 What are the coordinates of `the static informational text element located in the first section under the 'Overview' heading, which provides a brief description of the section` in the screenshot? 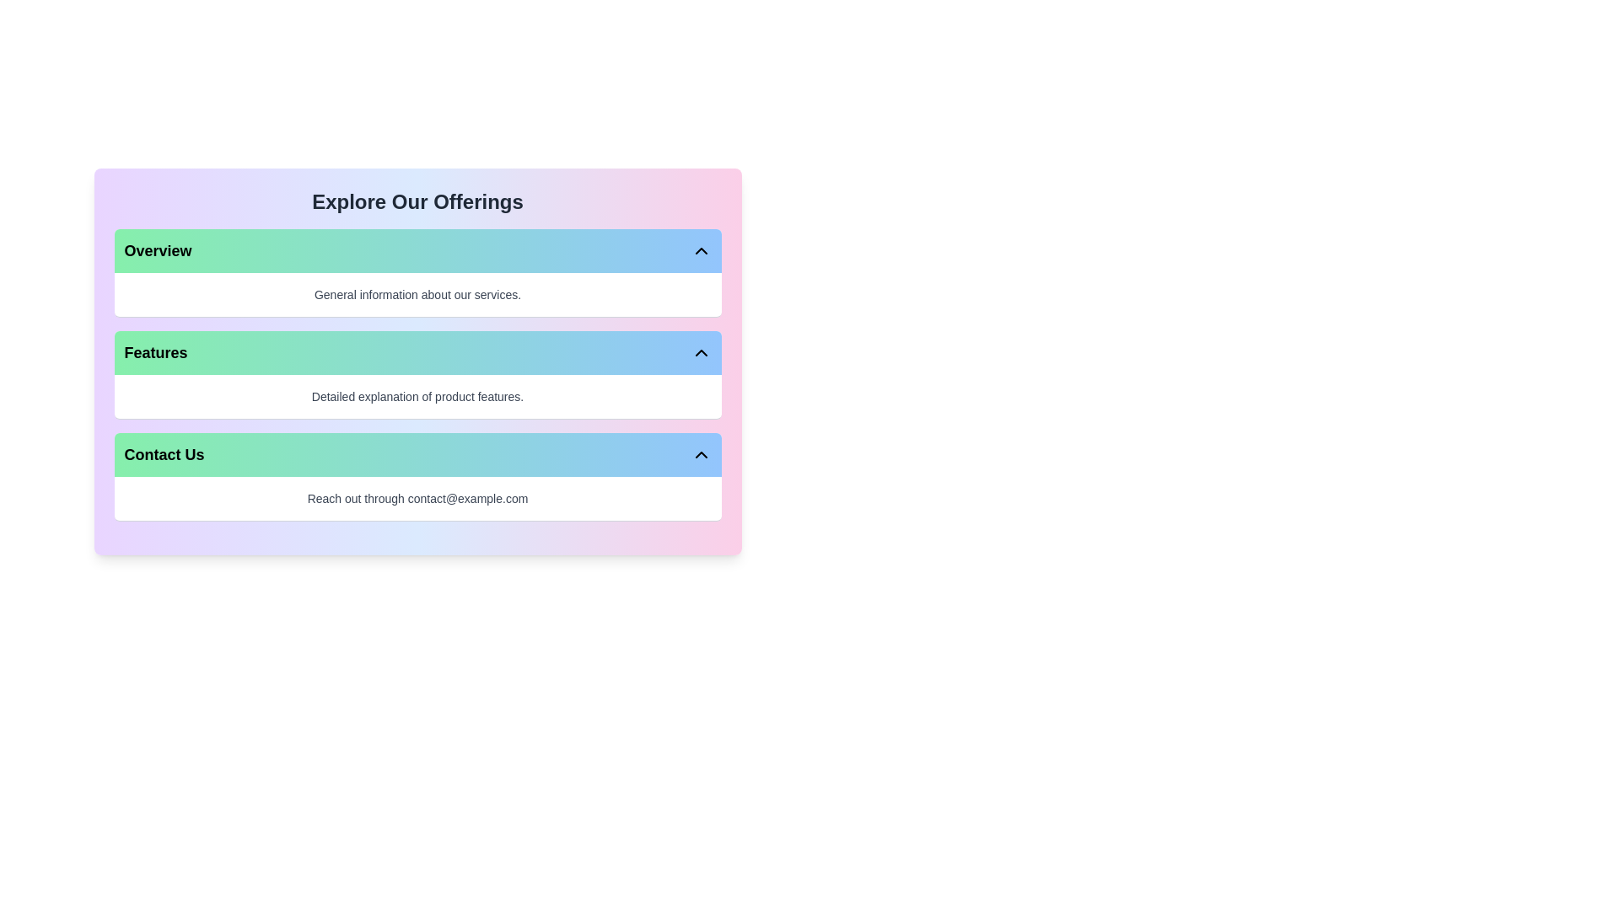 It's located at (417, 294).